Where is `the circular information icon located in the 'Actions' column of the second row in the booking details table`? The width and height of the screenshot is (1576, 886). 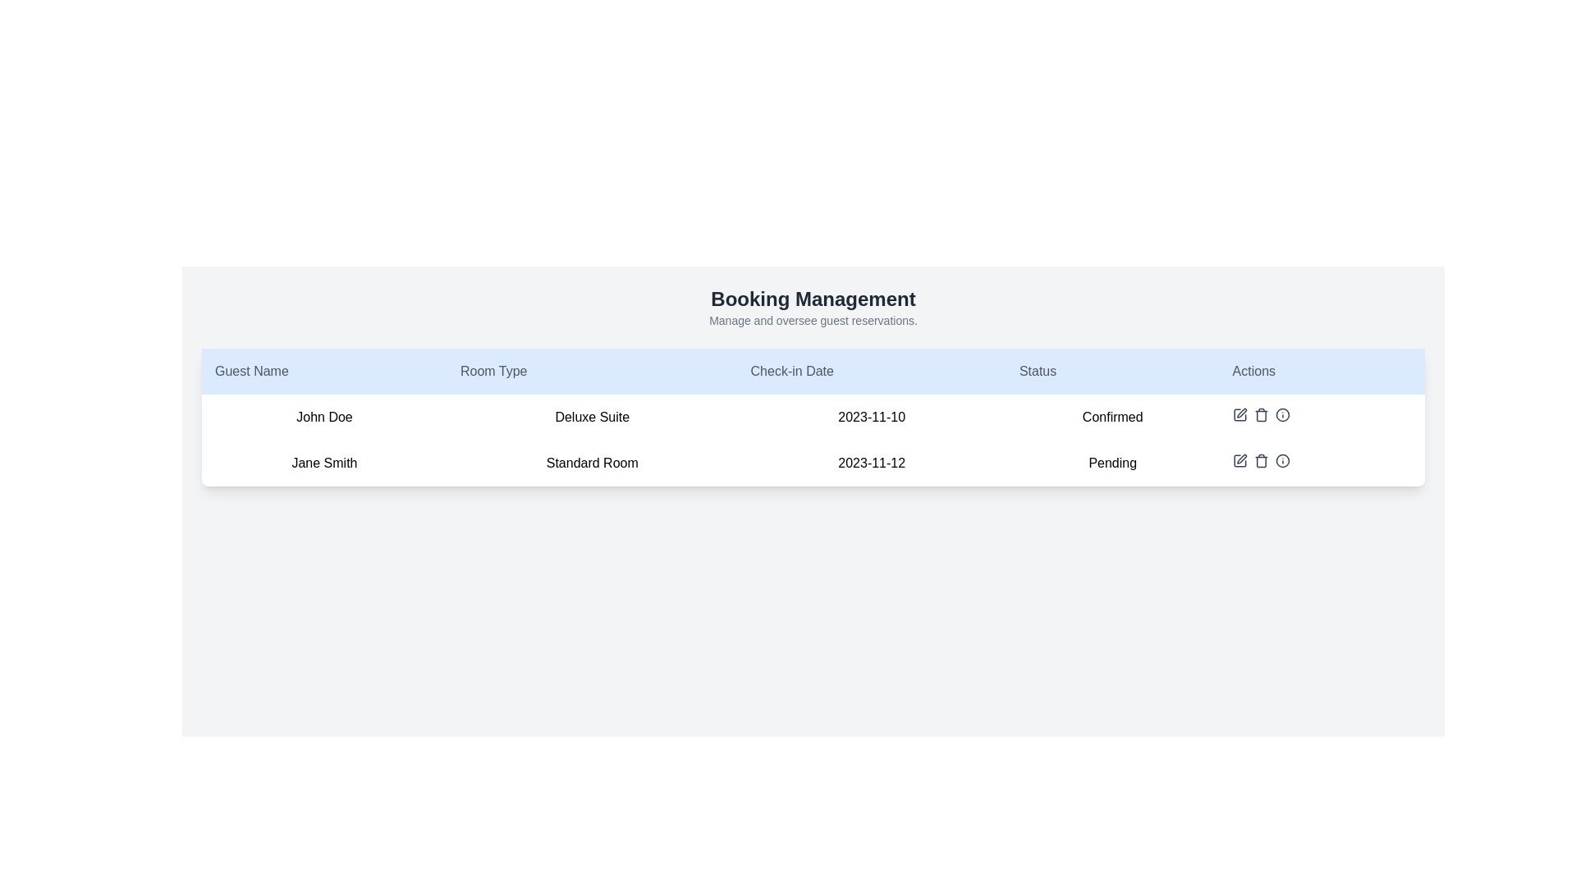
the circular information icon located in the 'Actions' column of the second row in the booking details table is located at coordinates (1281, 461).